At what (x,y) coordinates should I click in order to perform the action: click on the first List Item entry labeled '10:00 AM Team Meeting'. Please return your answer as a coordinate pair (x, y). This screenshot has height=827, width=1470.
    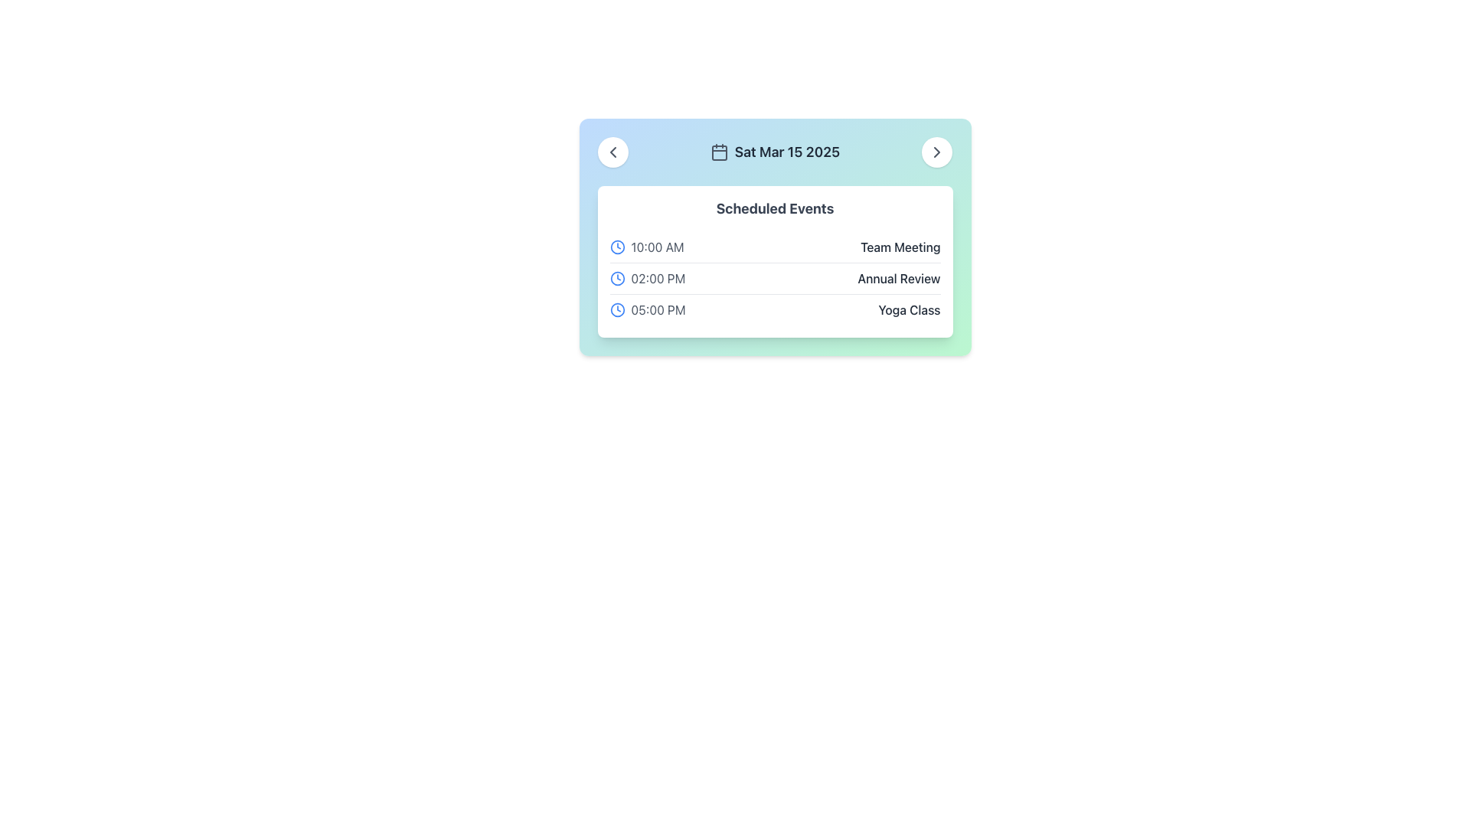
    Looking at the image, I should click on (775, 247).